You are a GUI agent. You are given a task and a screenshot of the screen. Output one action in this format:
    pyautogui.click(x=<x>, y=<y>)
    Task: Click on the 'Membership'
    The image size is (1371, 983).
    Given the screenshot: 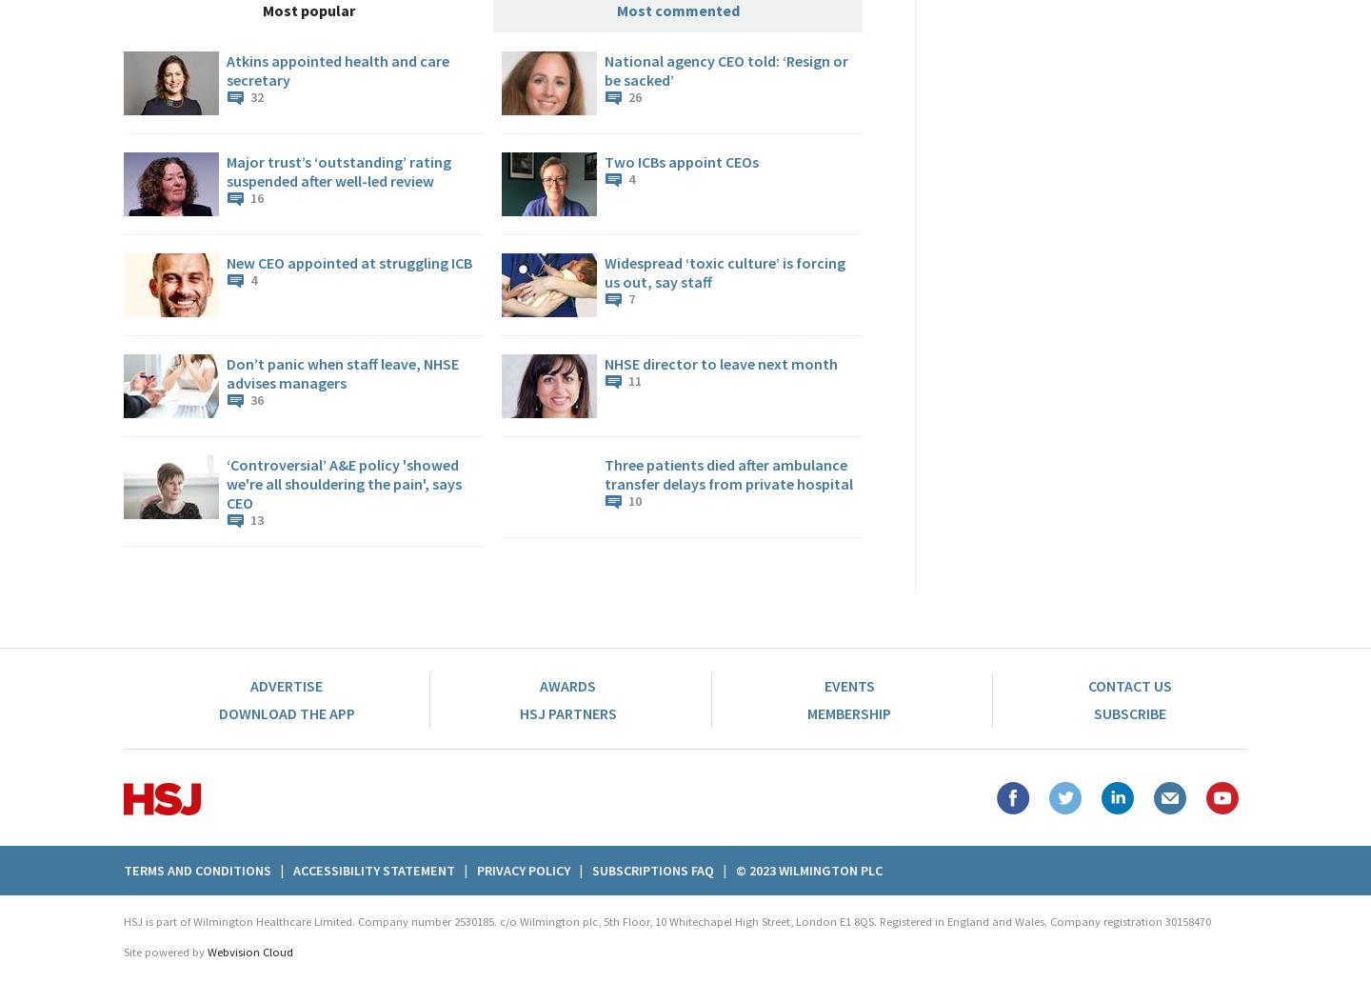 What is the action you would take?
    pyautogui.click(x=847, y=712)
    